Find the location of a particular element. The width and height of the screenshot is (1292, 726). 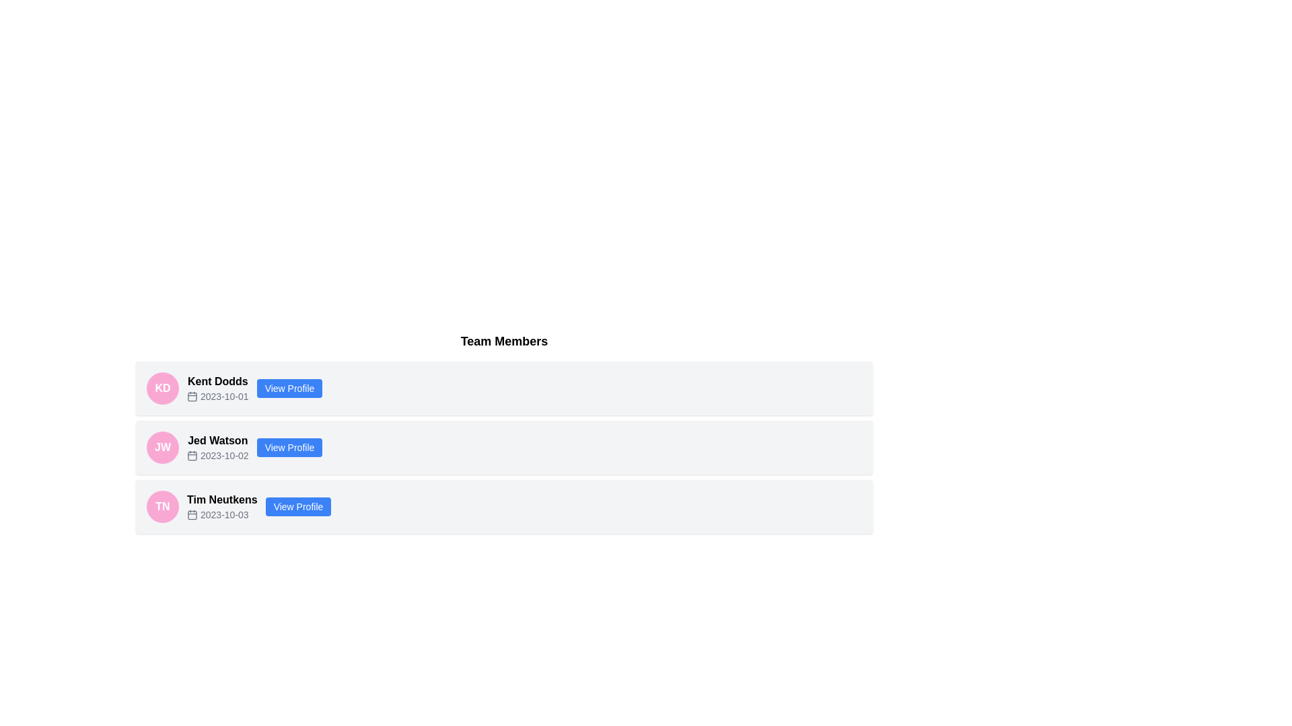

the calendar icon located to the left of the date '2023-10-01' is located at coordinates (192, 396).